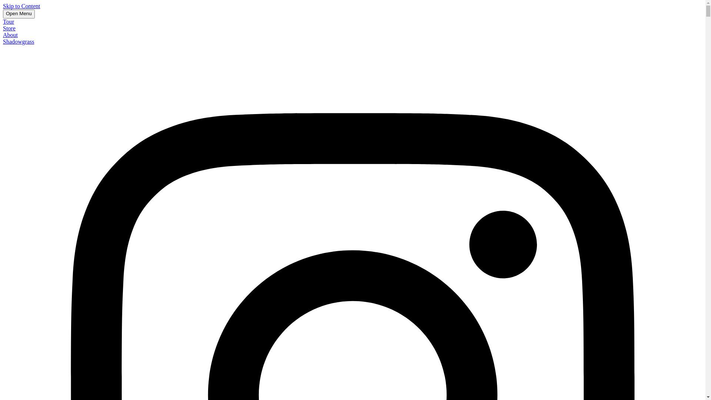 Image resolution: width=711 pixels, height=400 pixels. Describe the element at coordinates (3, 28) in the screenshot. I see `'Store'` at that location.